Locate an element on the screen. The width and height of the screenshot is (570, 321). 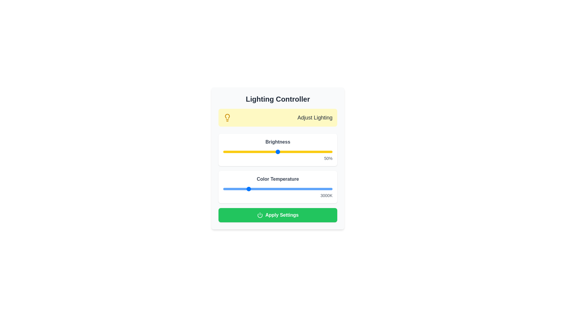
the color temperature slider to 8280 K is located at coordinates (311, 189).